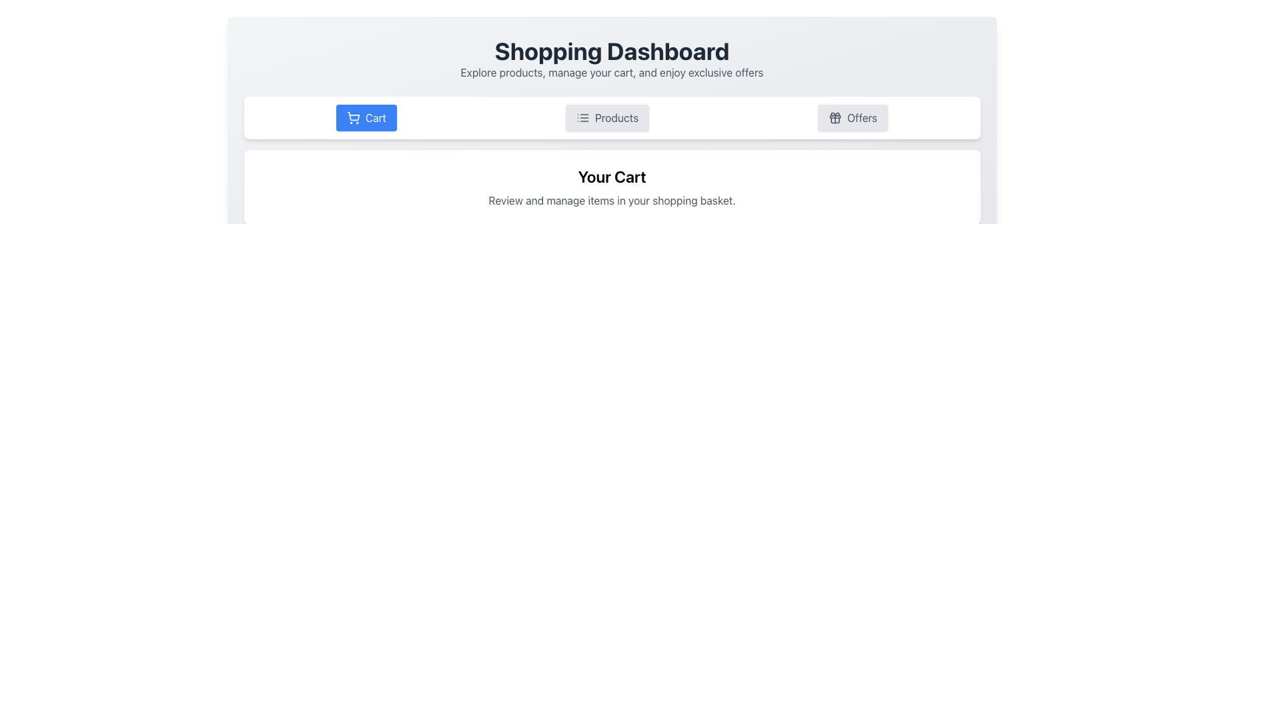  I want to click on the shopping cart text label located within the blue button at the top of the interface, adjacent to the shopping cart icon, so click(375, 117).